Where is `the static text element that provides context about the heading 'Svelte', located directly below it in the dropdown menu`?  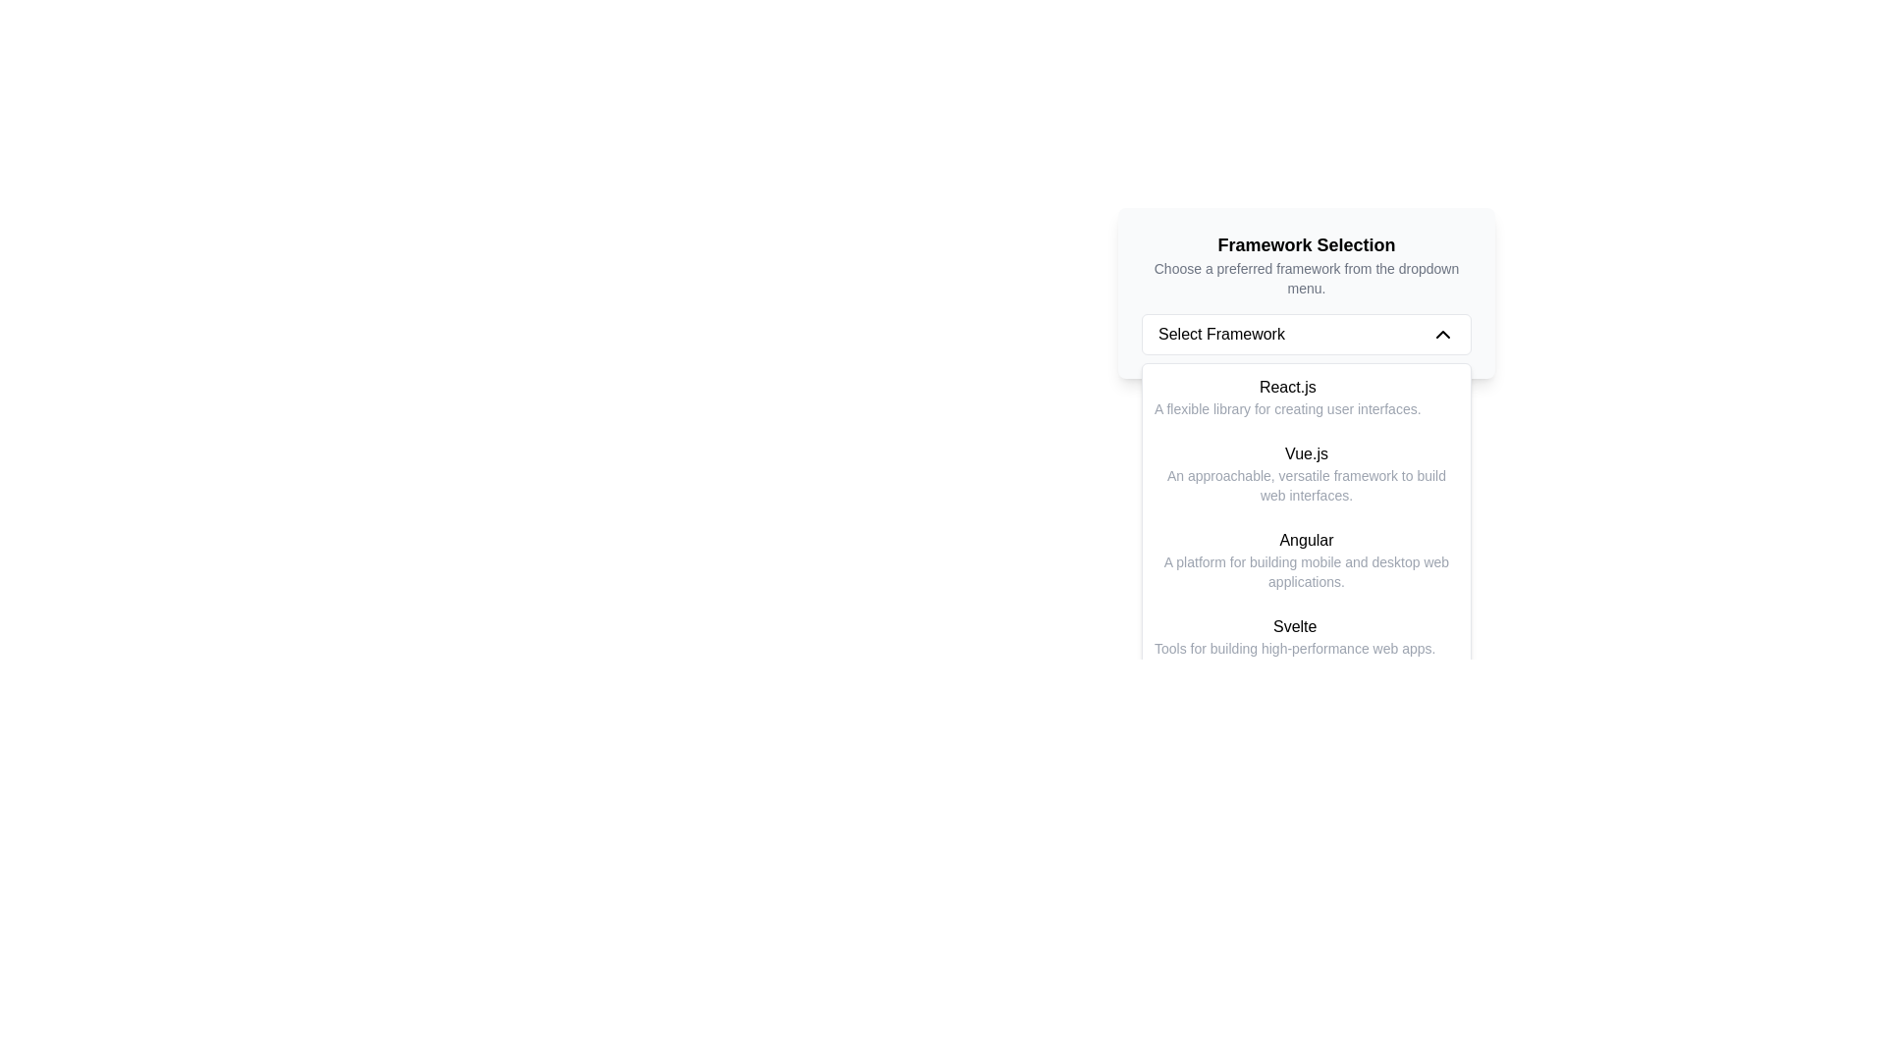 the static text element that provides context about the heading 'Svelte', located directly below it in the dropdown menu is located at coordinates (1295, 648).